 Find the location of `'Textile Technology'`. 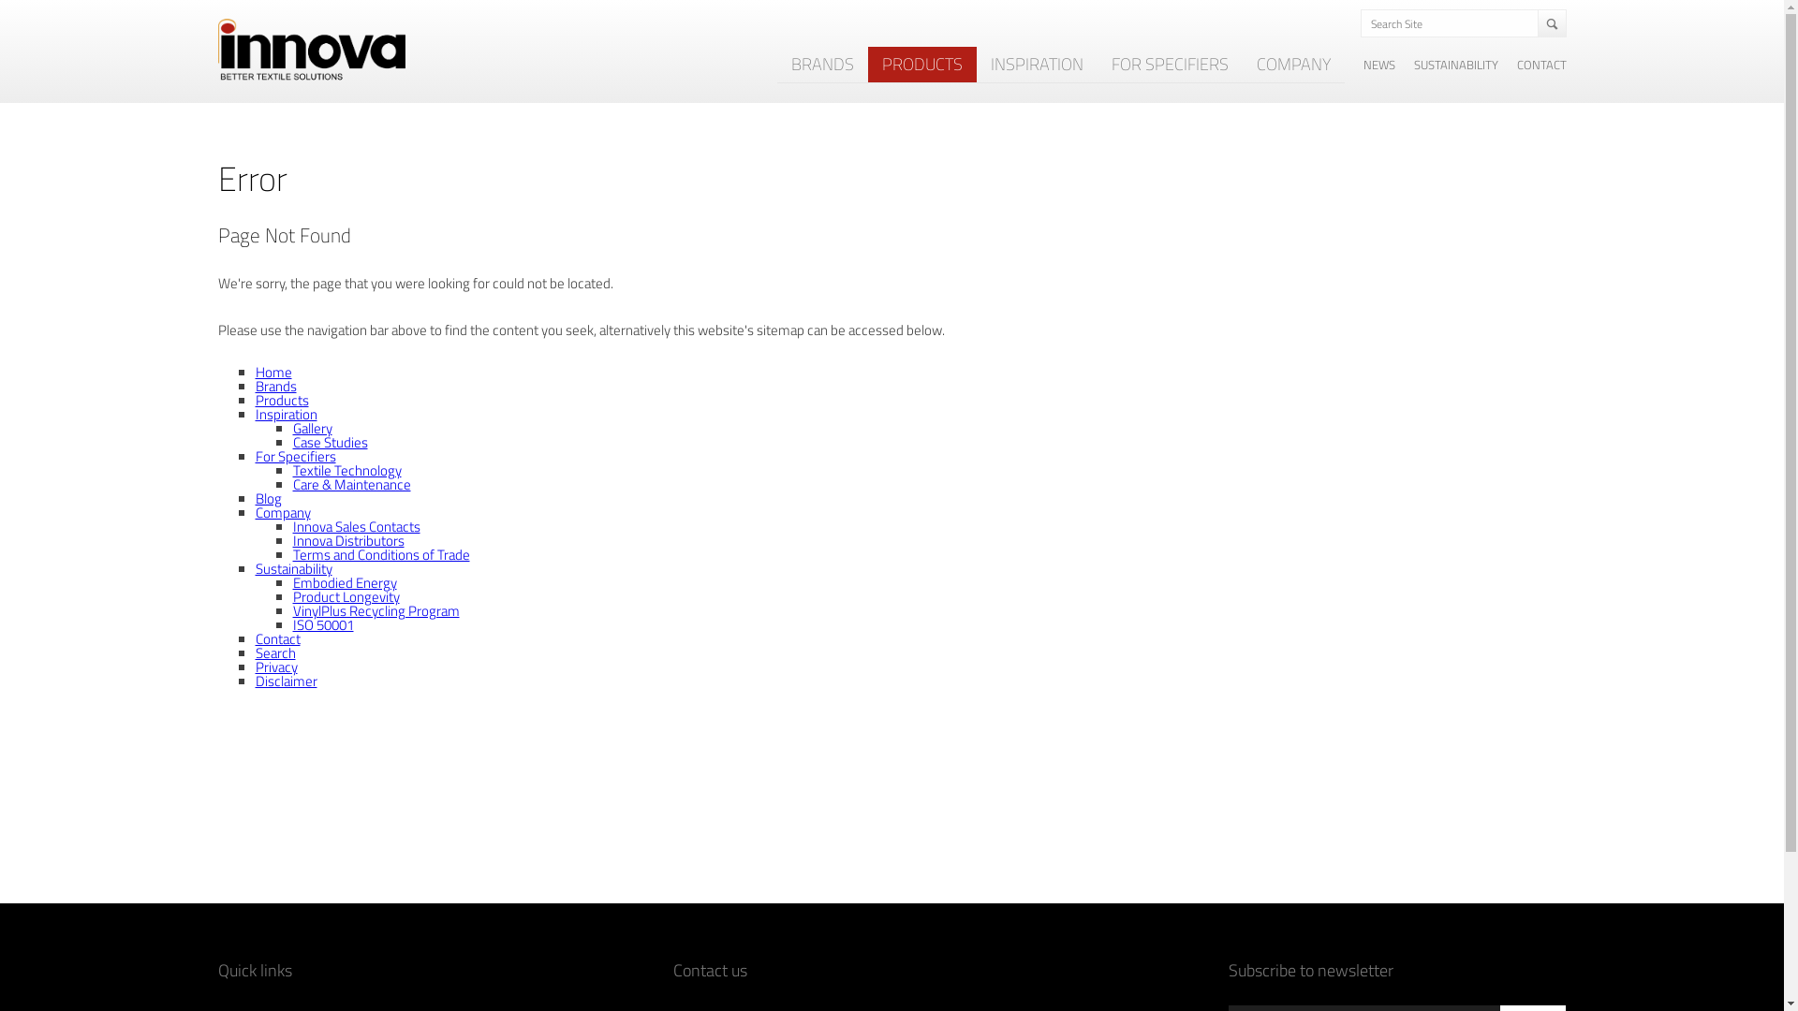

'Textile Technology' is located at coordinates (291, 469).